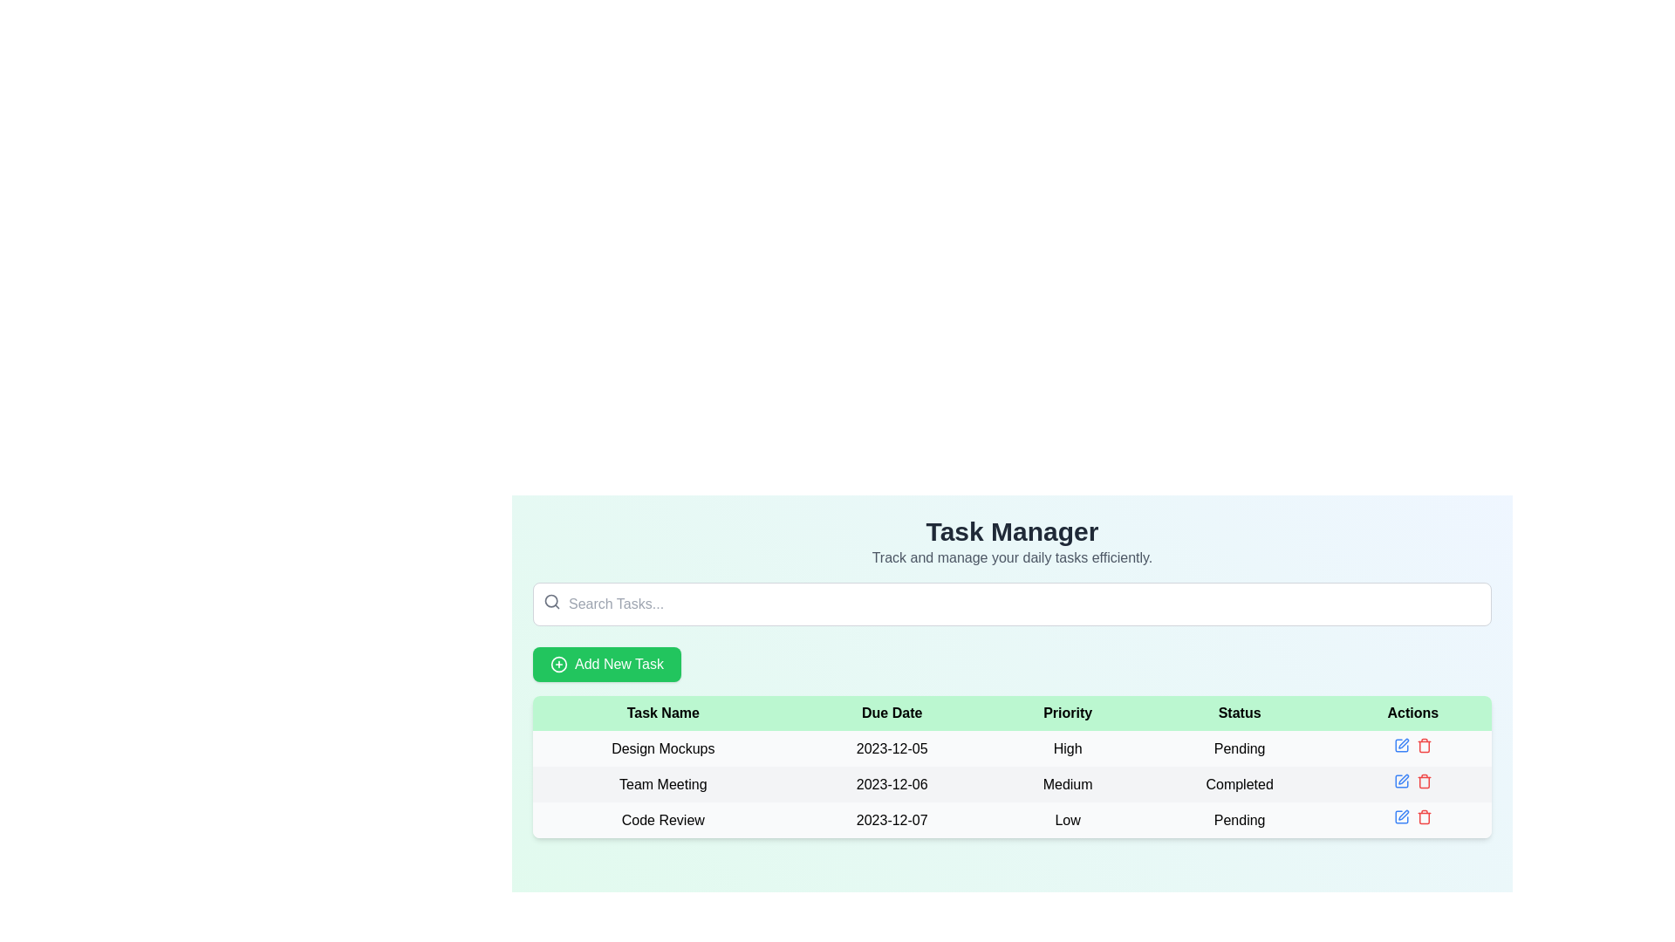  What do you see at coordinates (1424, 746) in the screenshot?
I see `the outline component of the trash can icon, which is part of the SVG in the 'Actions' column of the third row aligned with the 'Code Review' task` at bounding box center [1424, 746].